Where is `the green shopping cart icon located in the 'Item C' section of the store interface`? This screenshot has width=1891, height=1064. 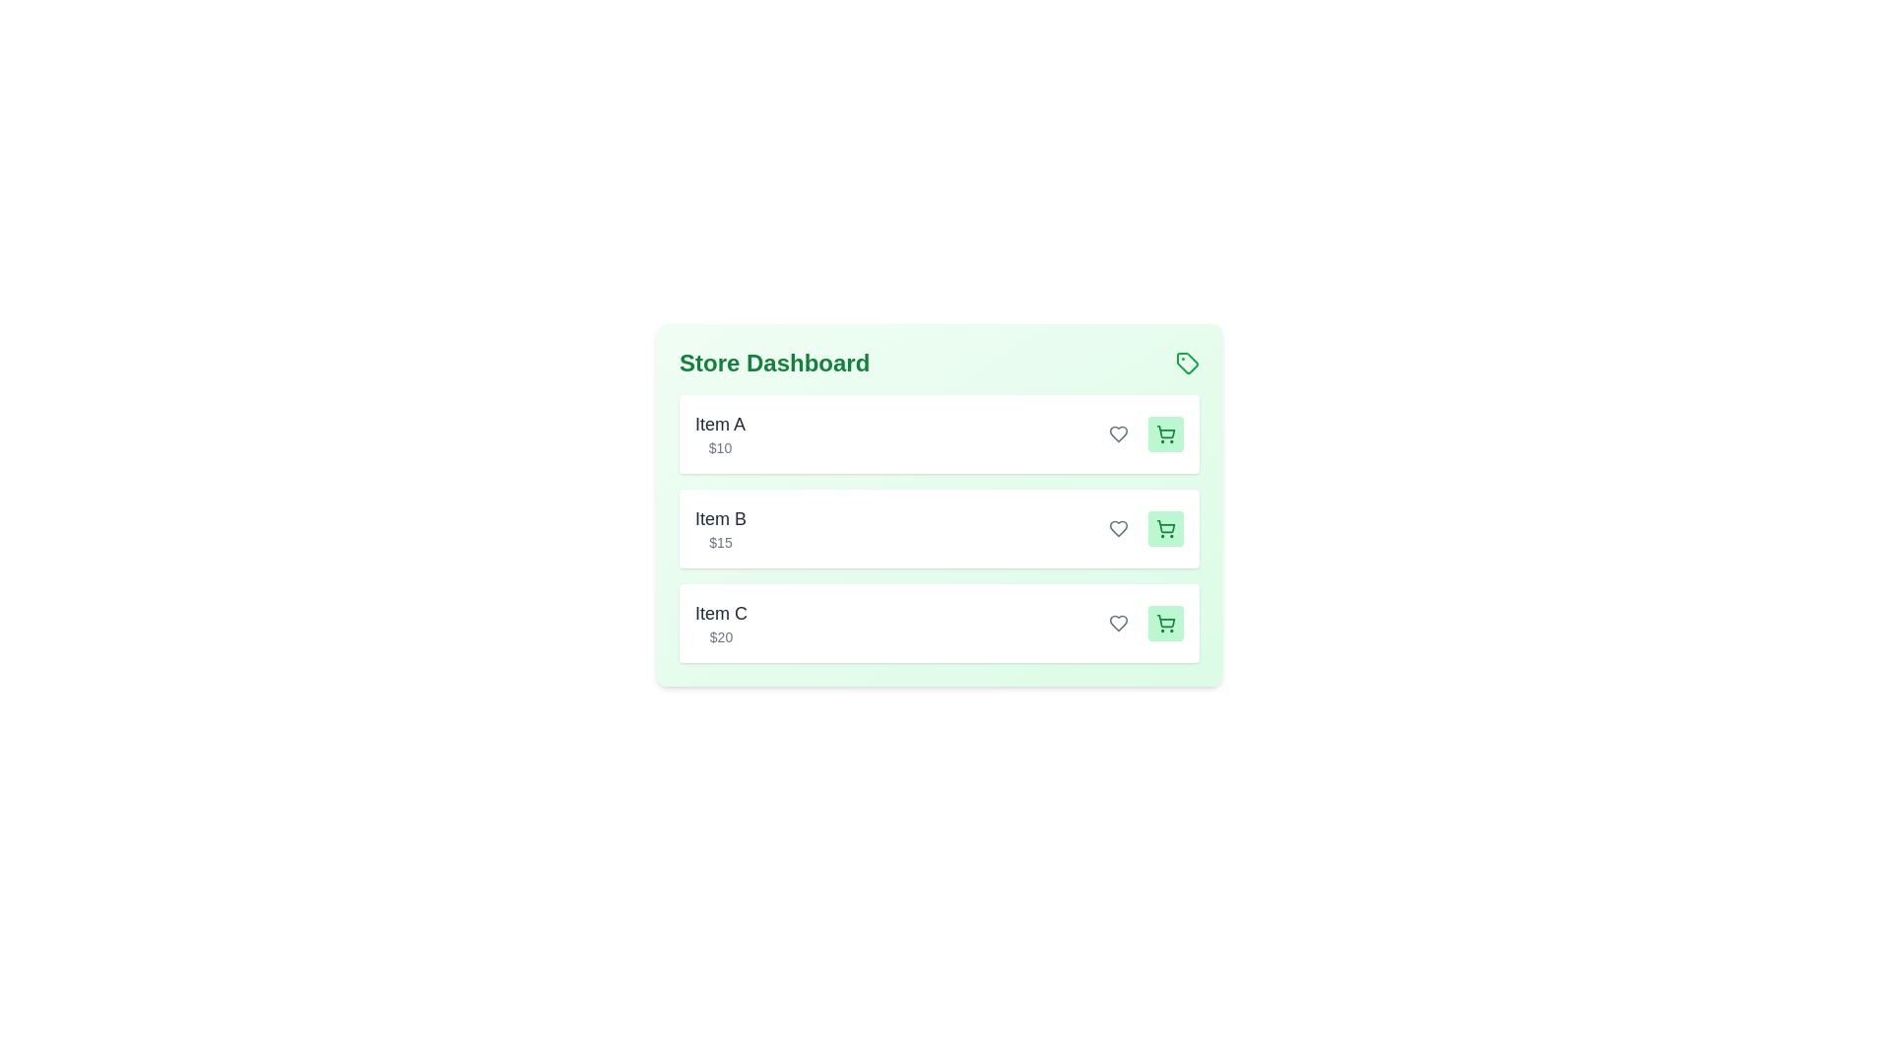 the green shopping cart icon located in the 'Item C' section of the store interface is located at coordinates (1166, 623).